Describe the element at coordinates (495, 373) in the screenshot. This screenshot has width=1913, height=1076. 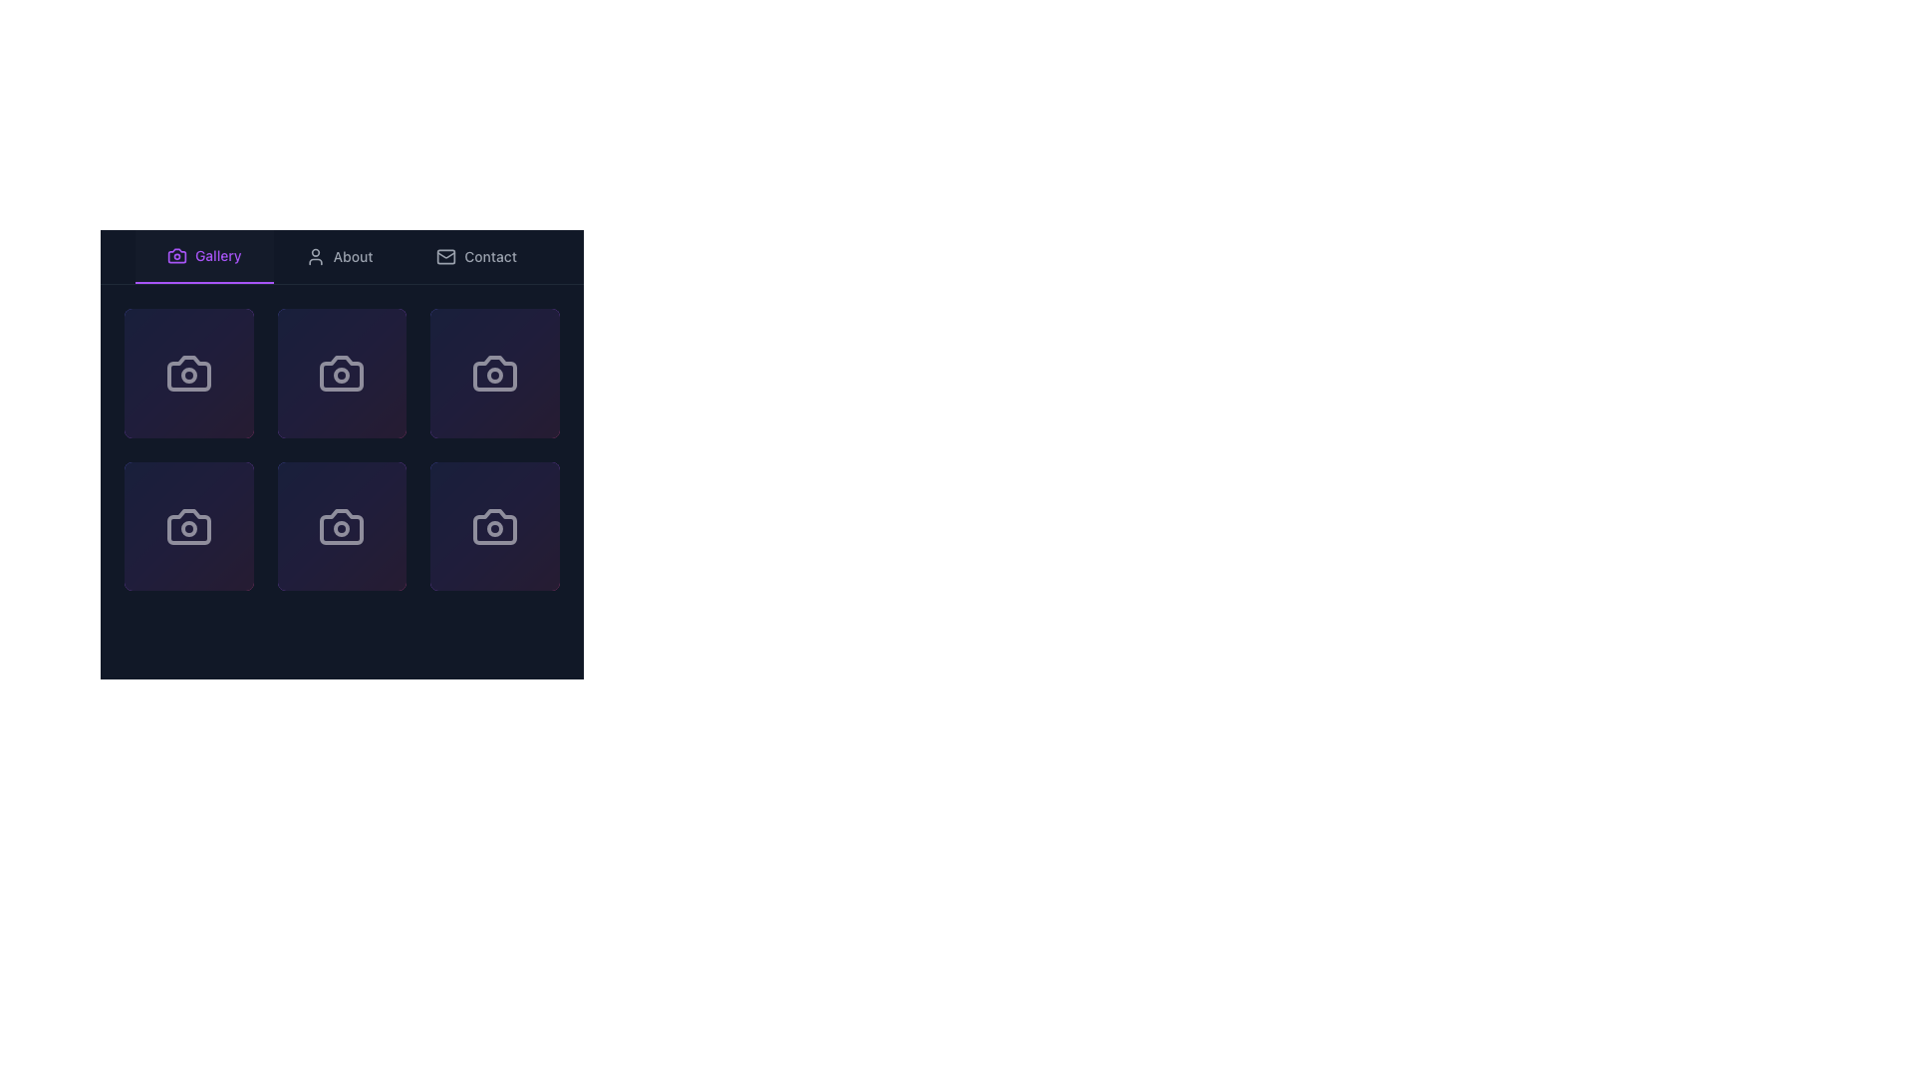
I see `the icon in the second row, second column of the gallery grid, which represents an action related to capturing or viewing images` at that location.